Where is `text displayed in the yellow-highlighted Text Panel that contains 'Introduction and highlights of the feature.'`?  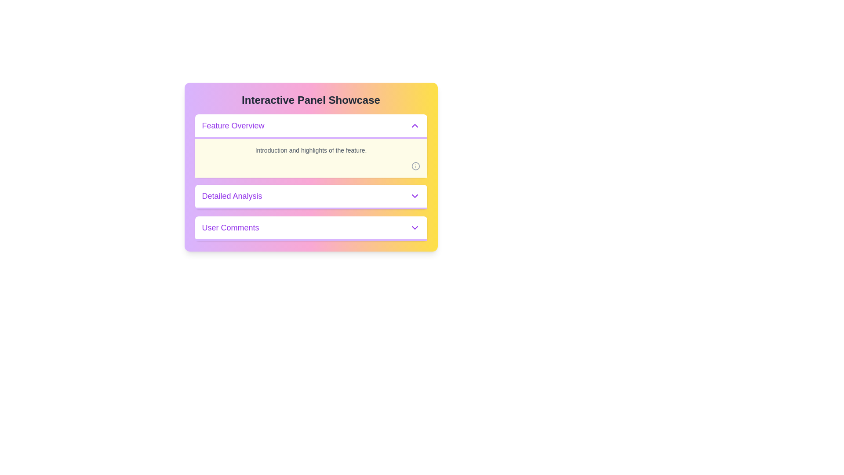 text displayed in the yellow-highlighted Text Panel that contains 'Introduction and highlights of the feature.' is located at coordinates (311, 145).